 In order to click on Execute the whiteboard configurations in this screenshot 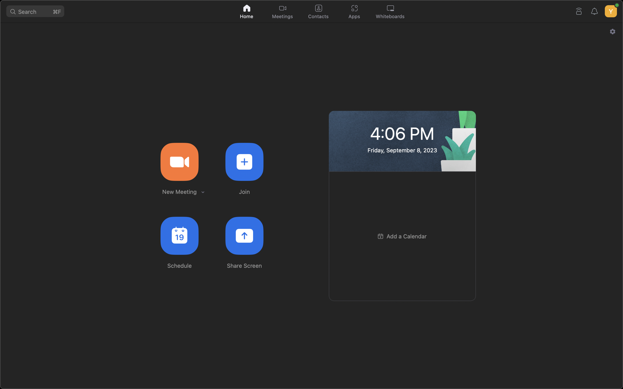, I will do `click(391, 12)`.